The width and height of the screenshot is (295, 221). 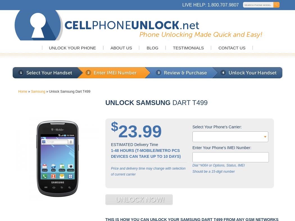 I want to click on '$', so click(x=114, y=127).